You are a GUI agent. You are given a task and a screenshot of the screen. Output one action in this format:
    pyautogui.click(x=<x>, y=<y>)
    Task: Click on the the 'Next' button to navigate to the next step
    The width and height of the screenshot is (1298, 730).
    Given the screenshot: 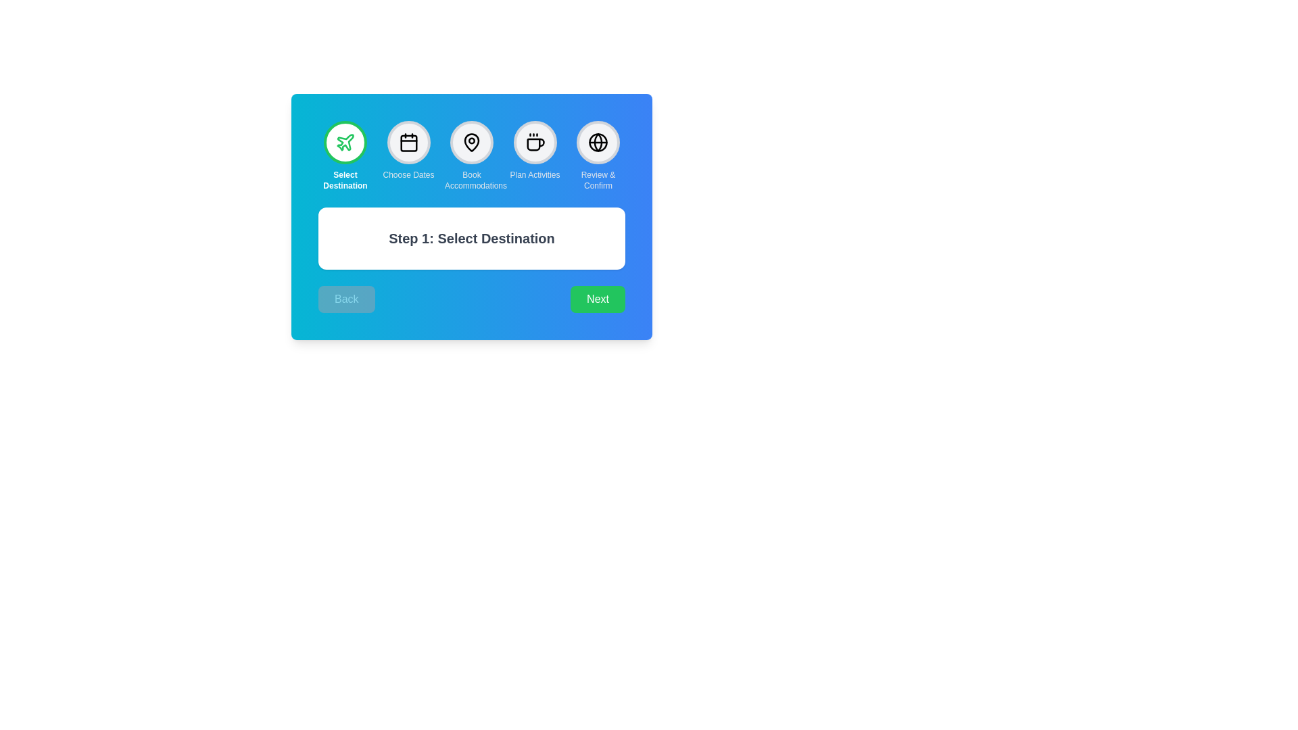 What is the action you would take?
    pyautogui.click(x=597, y=299)
    